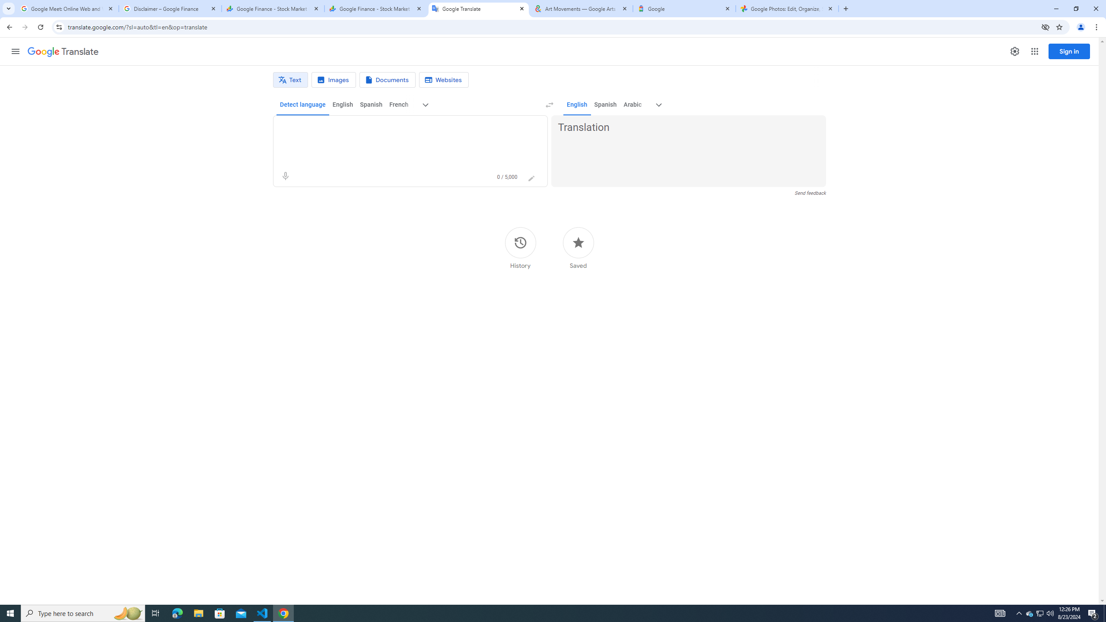  I want to click on 'More source languages', so click(426, 105).